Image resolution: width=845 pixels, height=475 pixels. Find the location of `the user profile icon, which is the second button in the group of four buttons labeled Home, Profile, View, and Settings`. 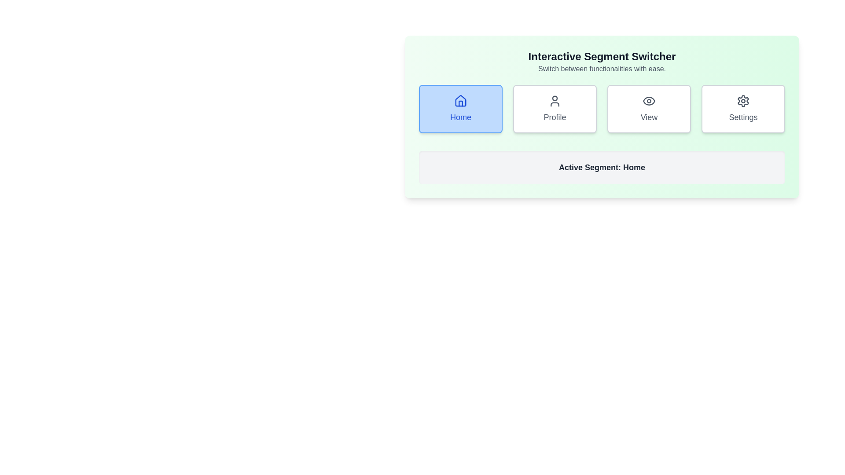

the user profile icon, which is the second button in the group of four buttons labeled Home, Profile, View, and Settings is located at coordinates (555, 101).